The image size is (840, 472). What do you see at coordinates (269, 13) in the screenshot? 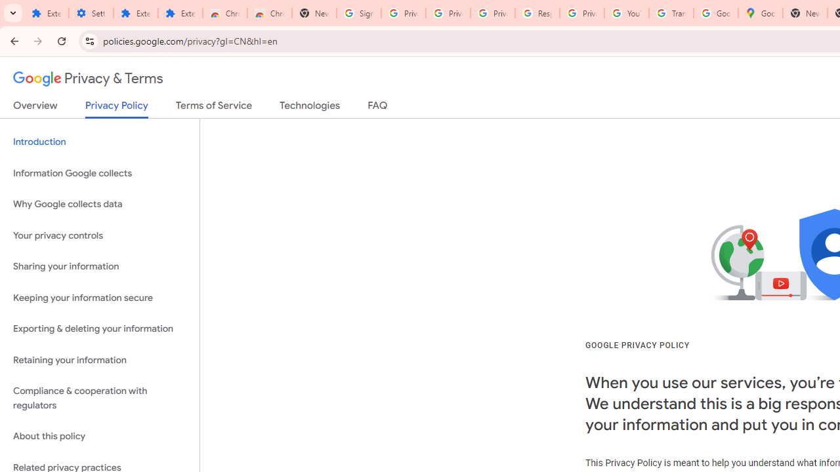
I see `'Chrome Web Store - Themes'` at bounding box center [269, 13].